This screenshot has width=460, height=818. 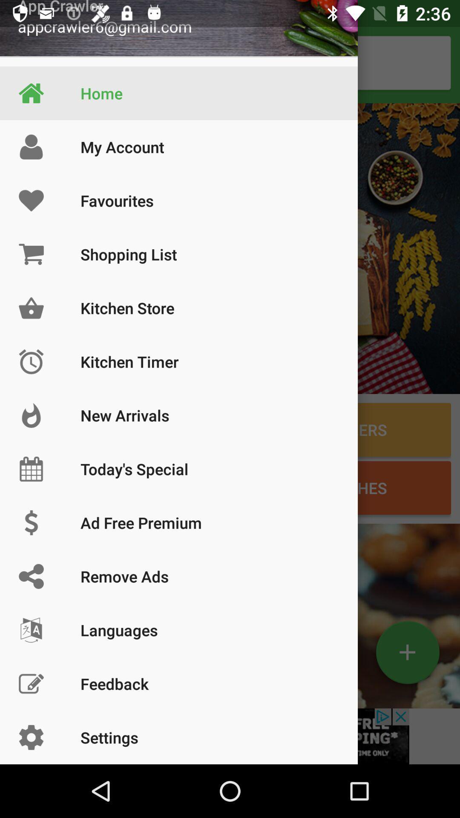 What do you see at coordinates (407, 655) in the screenshot?
I see `the add icon` at bounding box center [407, 655].